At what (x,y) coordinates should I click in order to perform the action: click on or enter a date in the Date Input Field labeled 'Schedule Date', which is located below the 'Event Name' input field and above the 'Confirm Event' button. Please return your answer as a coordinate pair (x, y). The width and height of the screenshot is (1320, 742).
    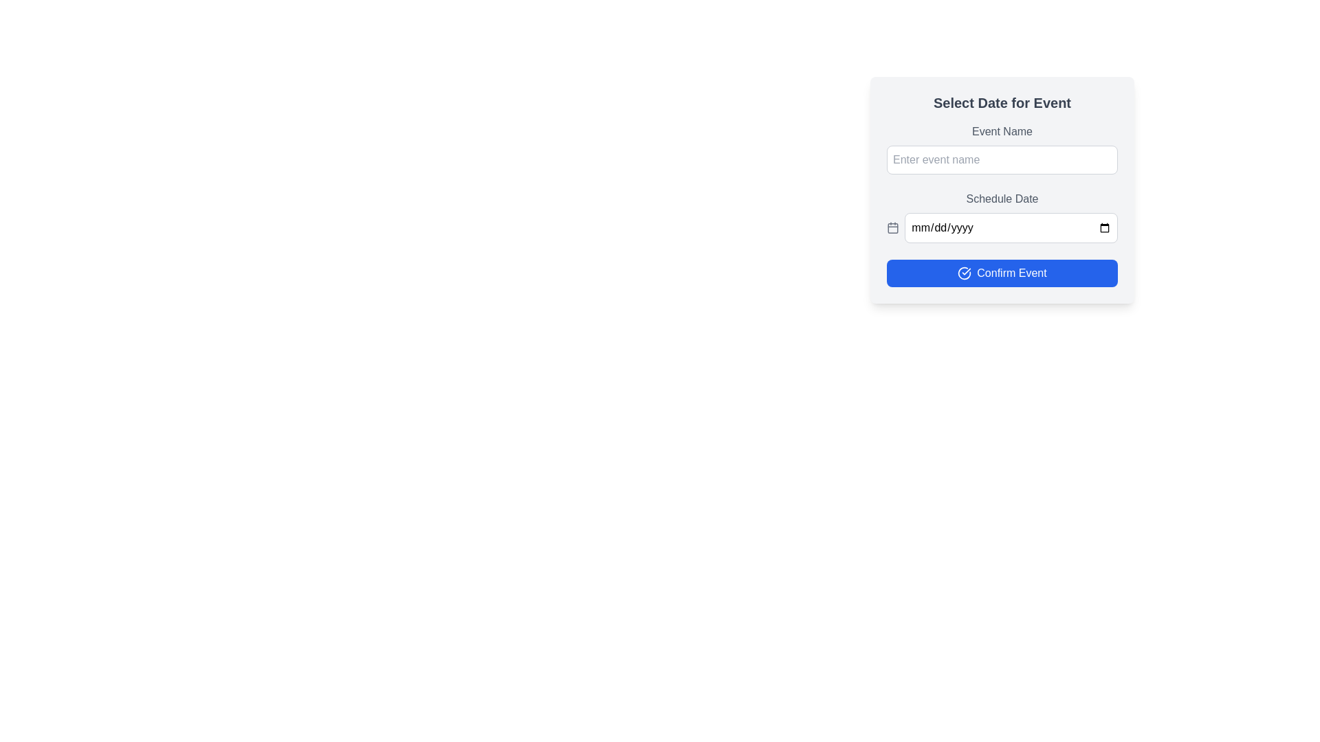
    Looking at the image, I should click on (1002, 216).